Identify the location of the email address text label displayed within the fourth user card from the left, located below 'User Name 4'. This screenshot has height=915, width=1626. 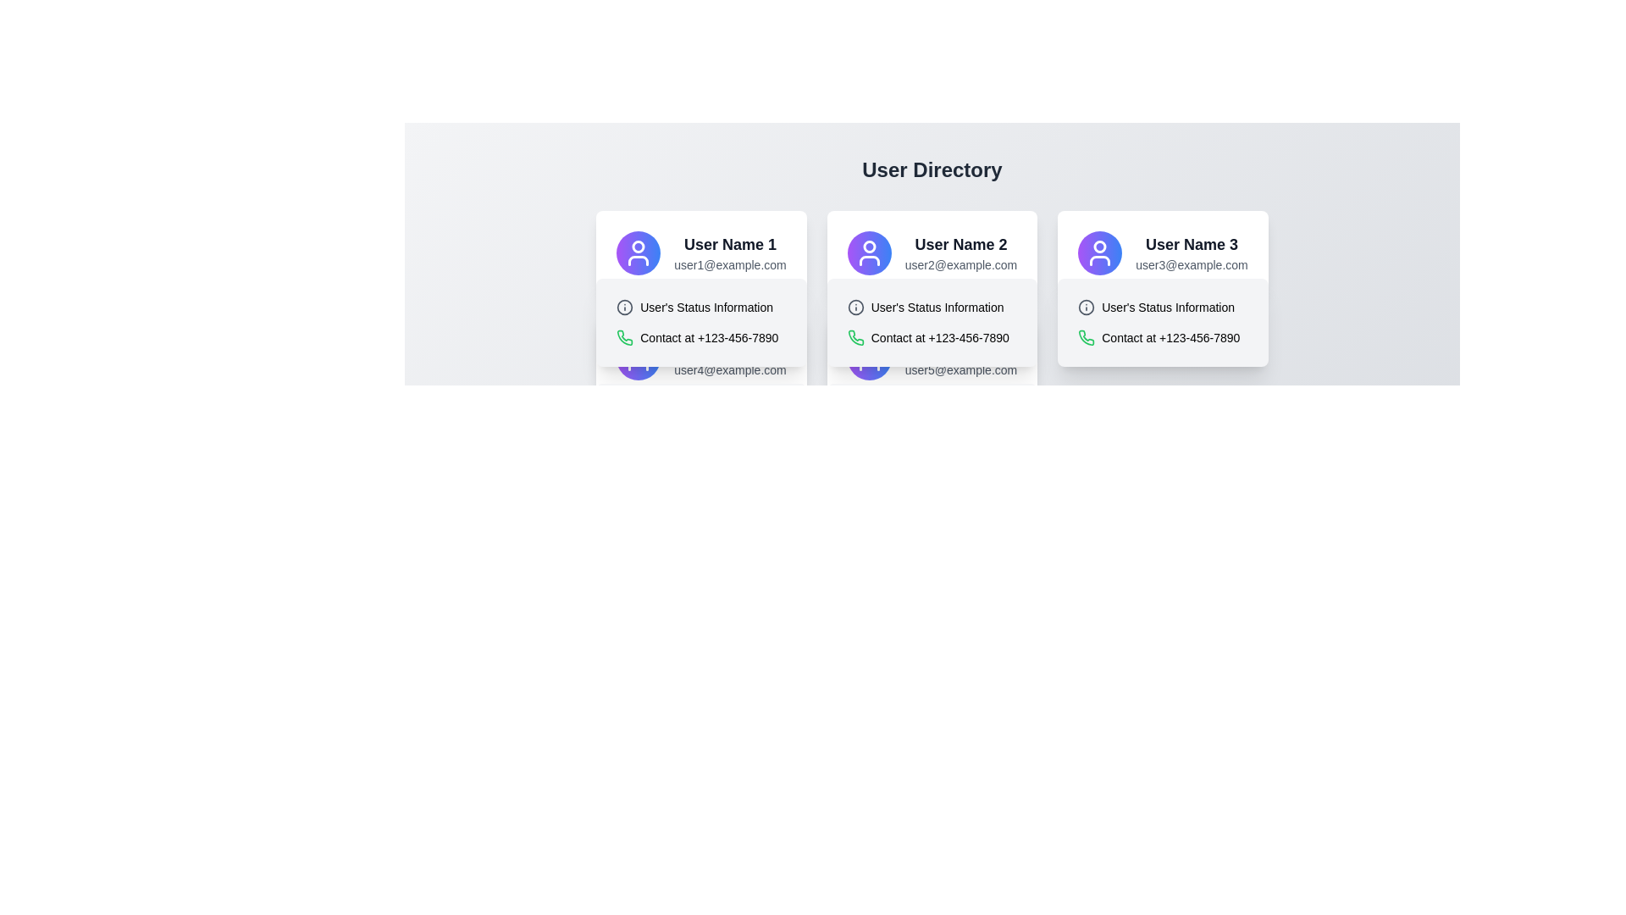
(730, 358).